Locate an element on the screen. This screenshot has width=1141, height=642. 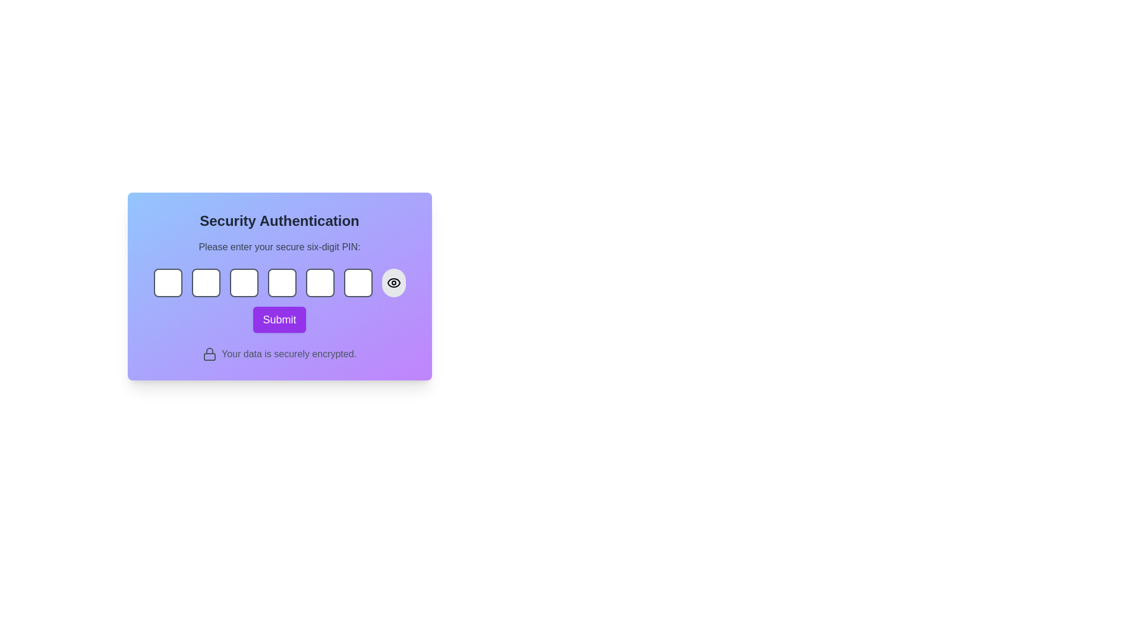
the fifth password input field to focus on it for entering a secure PIN code as part of multi-factor authentication is located at coordinates (320, 282).